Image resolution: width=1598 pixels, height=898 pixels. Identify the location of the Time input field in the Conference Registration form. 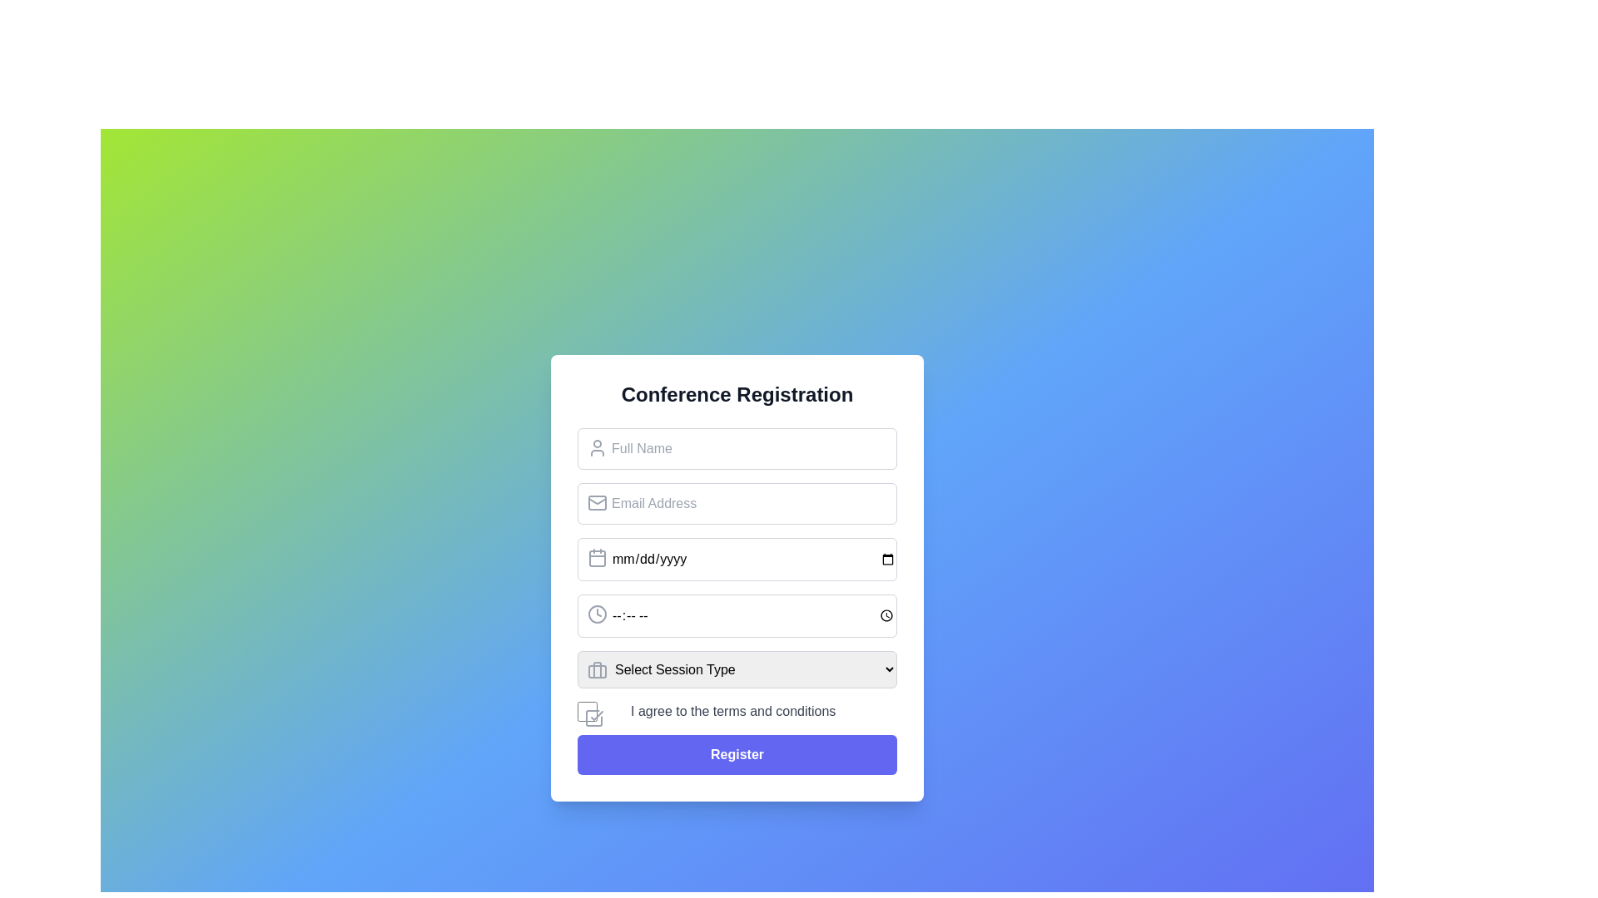
(737, 615).